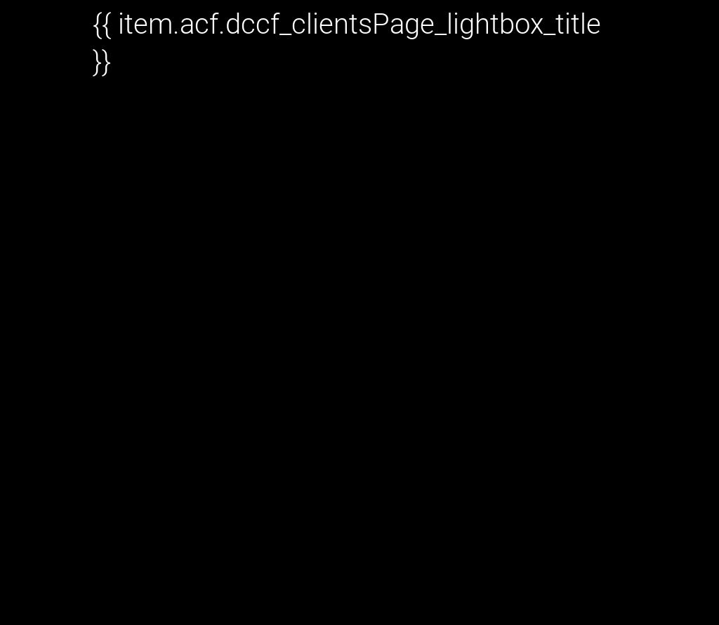  Describe the element at coordinates (22, 309) in the screenshot. I see `'To read more from'` at that location.